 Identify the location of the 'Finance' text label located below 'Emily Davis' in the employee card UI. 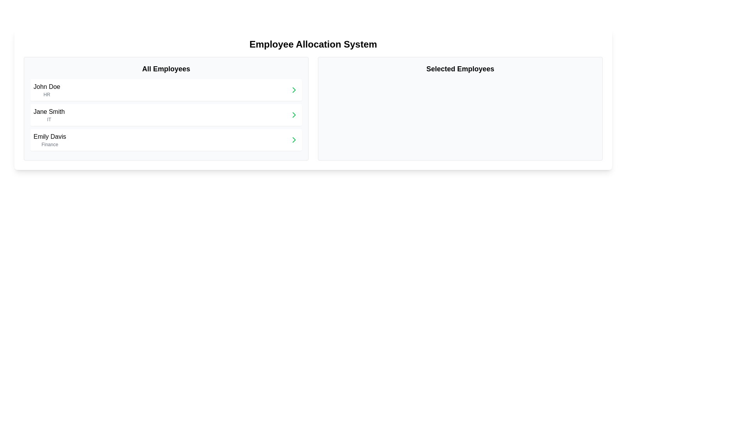
(49, 144).